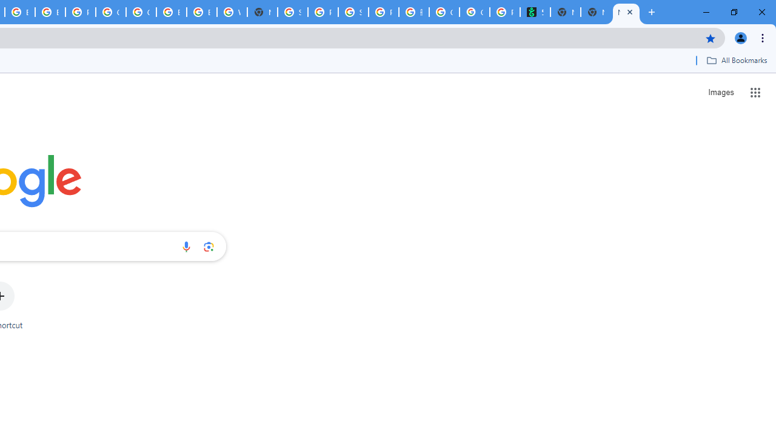 This screenshot has width=776, height=436. I want to click on 'New Tab', so click(596, 12).